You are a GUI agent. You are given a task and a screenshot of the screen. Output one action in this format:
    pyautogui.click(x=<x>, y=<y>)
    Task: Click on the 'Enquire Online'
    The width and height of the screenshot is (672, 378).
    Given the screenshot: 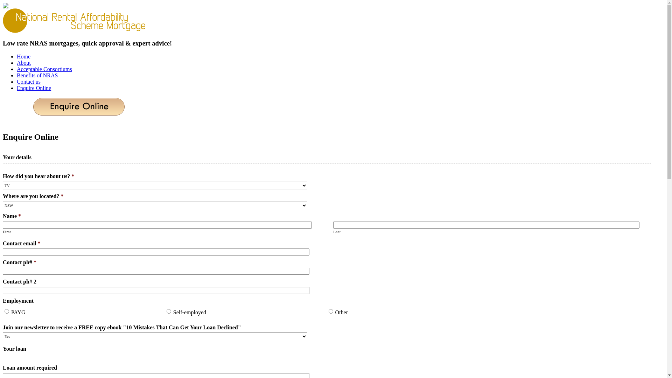 What is the action you would take?
    pyautogui.click(x=17, y=87)
    